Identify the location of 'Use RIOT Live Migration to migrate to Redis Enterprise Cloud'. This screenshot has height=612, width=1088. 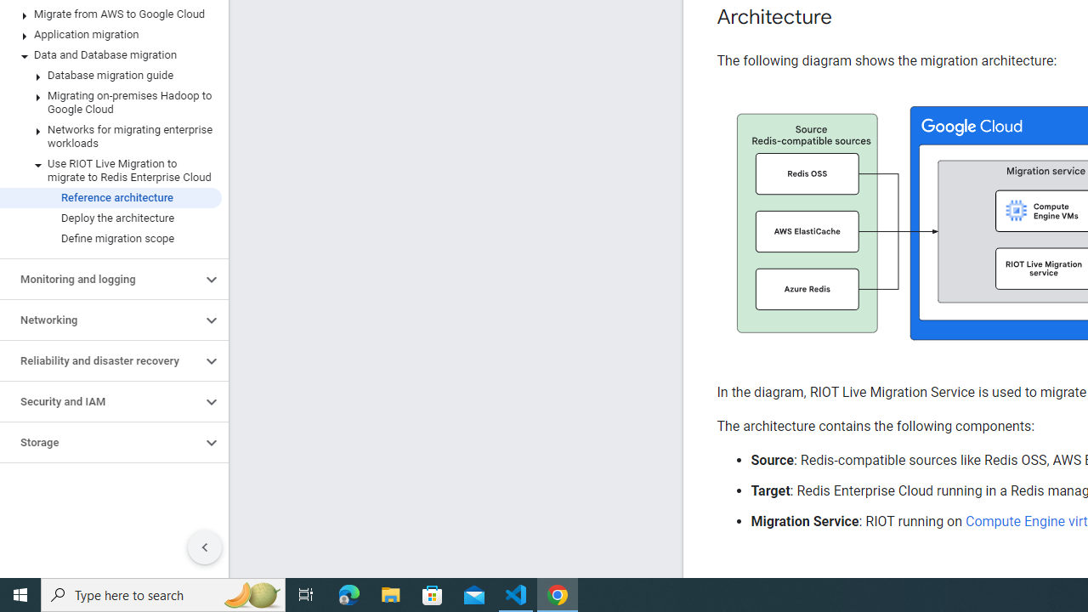
(110, 170).